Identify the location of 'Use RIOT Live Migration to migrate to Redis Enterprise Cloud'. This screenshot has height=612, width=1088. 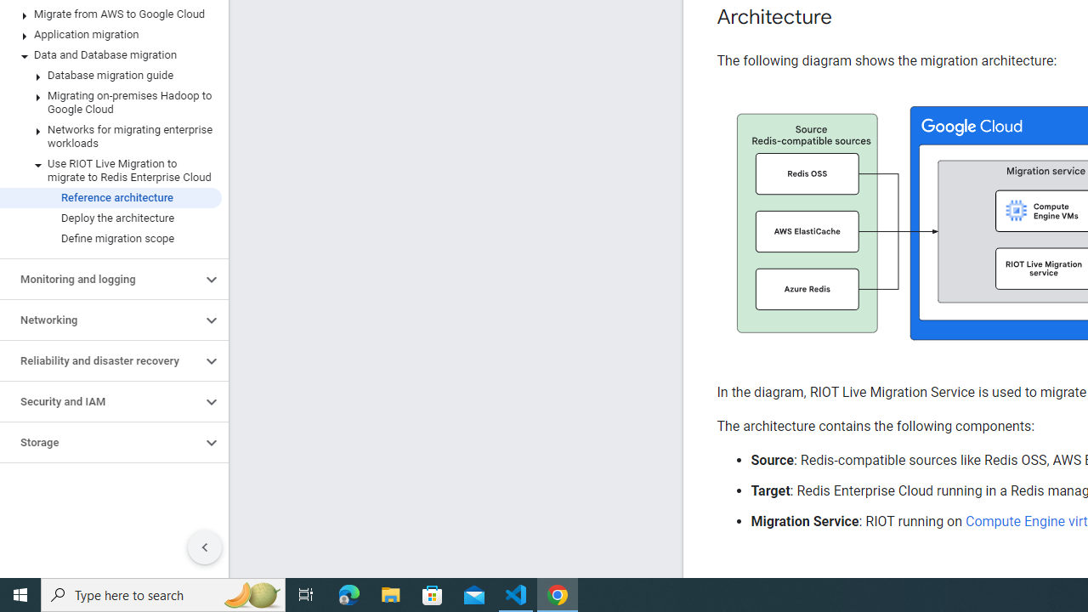
(110, 170).